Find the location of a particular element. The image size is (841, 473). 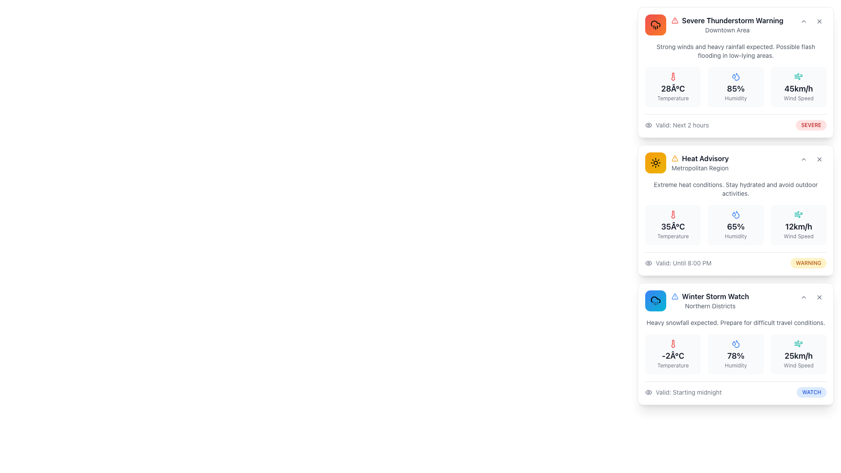

the teal-colored wind icon with rounded lines located in the bottom-right corner of the 'Heat Advisory' card, which displays '12km/h' wind speed is located at coordinates (799, 214).